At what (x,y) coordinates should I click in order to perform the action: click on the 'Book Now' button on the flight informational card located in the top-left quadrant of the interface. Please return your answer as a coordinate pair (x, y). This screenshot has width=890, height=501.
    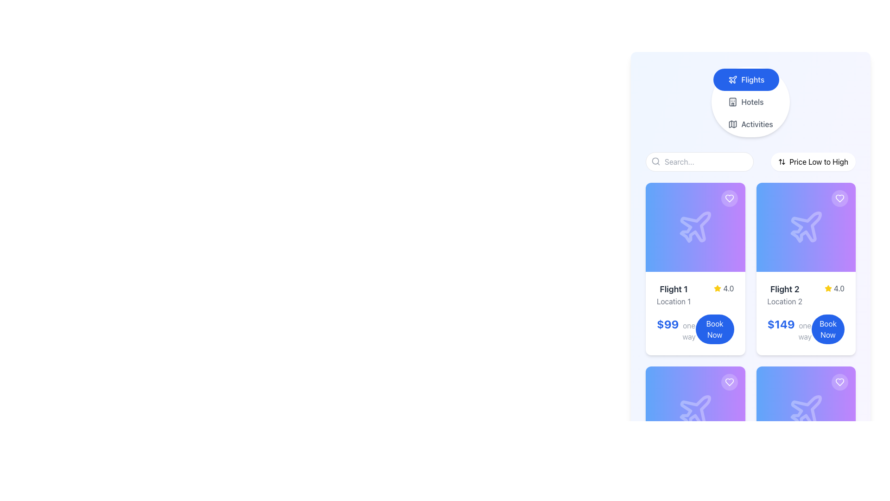
    Looking at the image, I should click on (695, 313).